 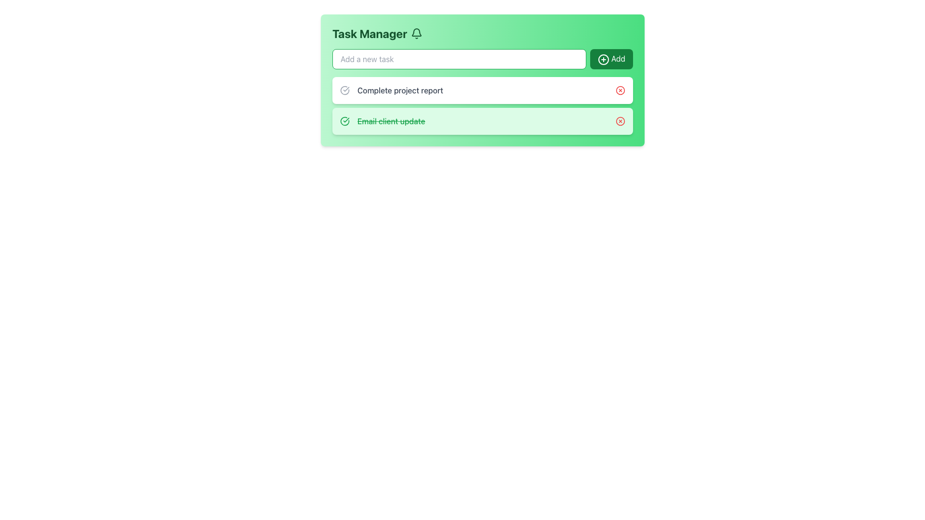 I want to click on on the circular icon with a green background that features a plus symbol, located next, so click(x=603, y=59).